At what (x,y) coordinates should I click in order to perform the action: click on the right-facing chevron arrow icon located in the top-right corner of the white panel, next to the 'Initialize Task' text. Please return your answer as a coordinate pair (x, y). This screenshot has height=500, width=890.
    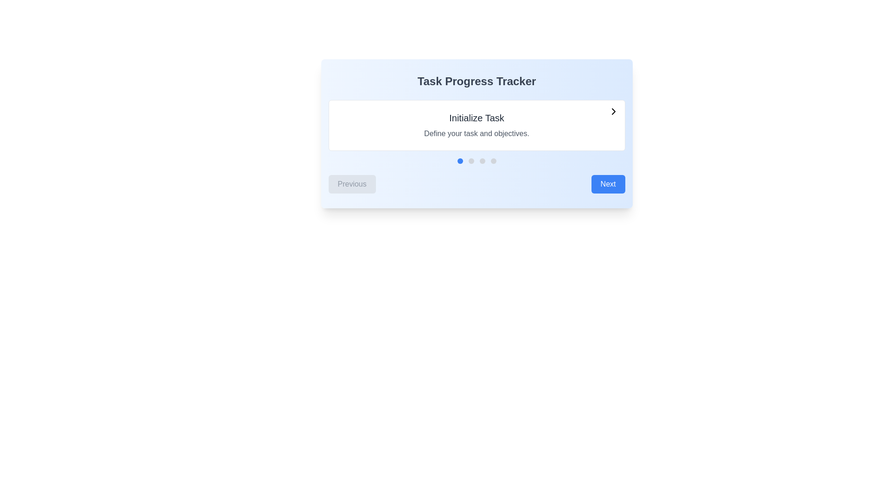
    Looking at the image, I should click on (613, 111).